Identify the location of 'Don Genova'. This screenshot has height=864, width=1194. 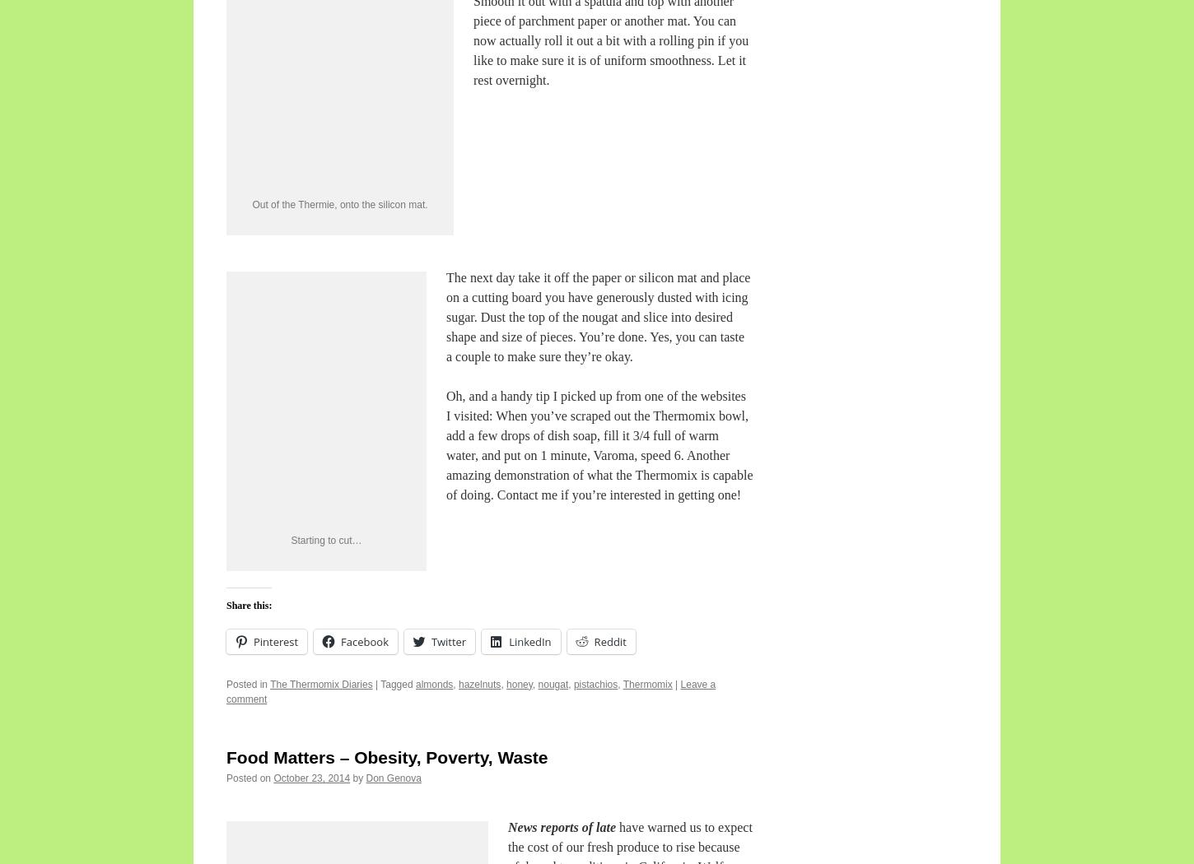
(392, 778).